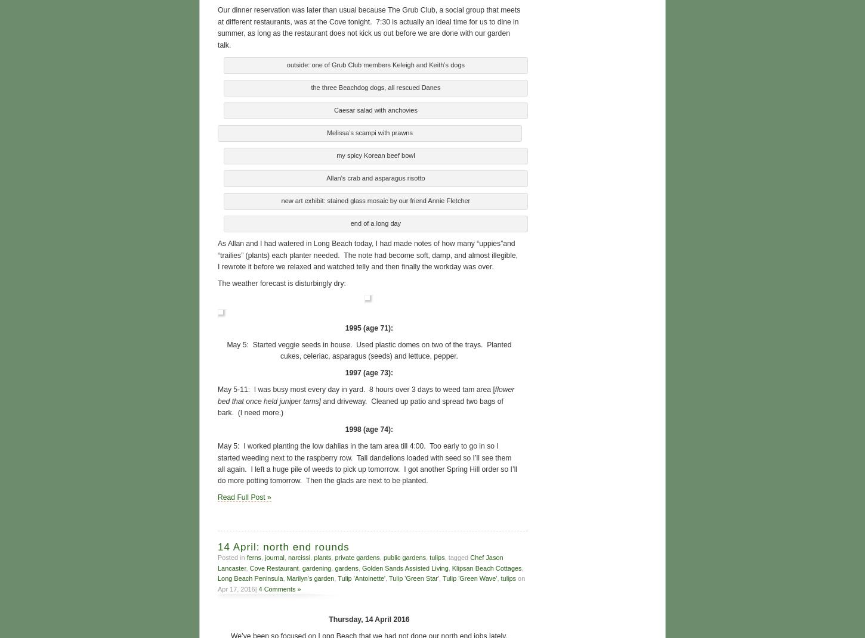  Describe the element at coordinates (357, 556) in the screenshot. I see `'private gardens'` at that location.